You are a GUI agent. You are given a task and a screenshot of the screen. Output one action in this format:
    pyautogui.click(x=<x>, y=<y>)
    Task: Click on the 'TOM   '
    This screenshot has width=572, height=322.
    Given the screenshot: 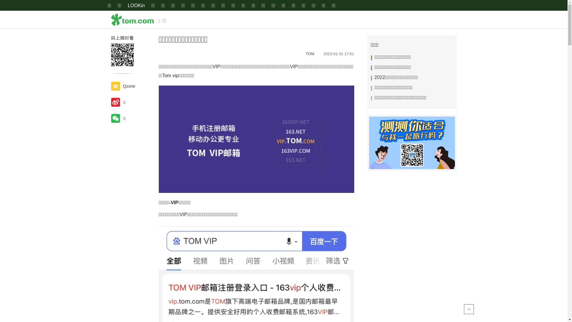 What is the action you would take?
    pyautogui.click(x=311, y=54)
    